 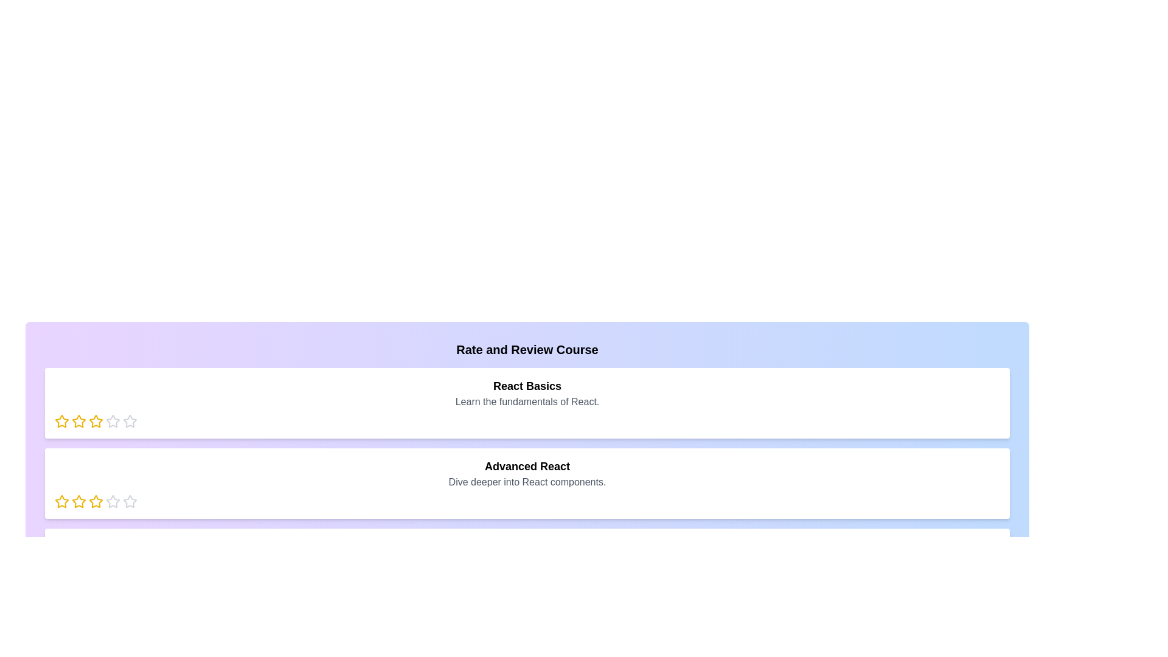 I want to click on the 'Advanced React' text label element, which is a bold and large font title located centrally in the layout, above the description text, so click(x=527, y=466).